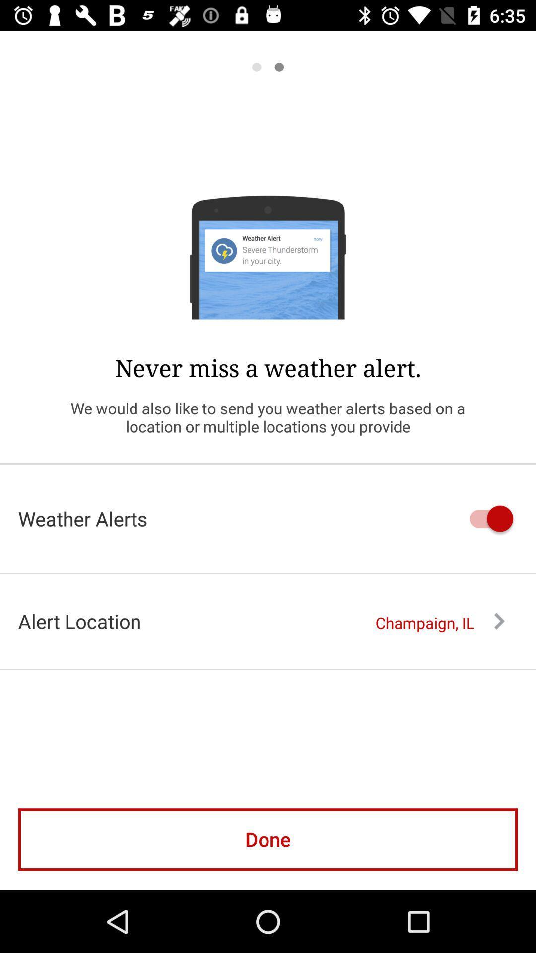  What do you see at coordinates (268, 839) in the screenshot?
I see `done` at bounding box center [268, 839].